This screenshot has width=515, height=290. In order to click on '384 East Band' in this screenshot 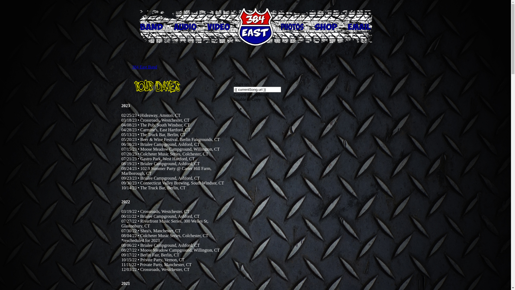, I will do `click(144, 67)`.